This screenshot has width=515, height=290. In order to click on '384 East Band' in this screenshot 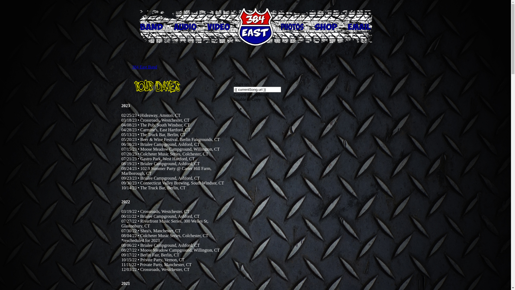, I will do `click(144, 67)`.